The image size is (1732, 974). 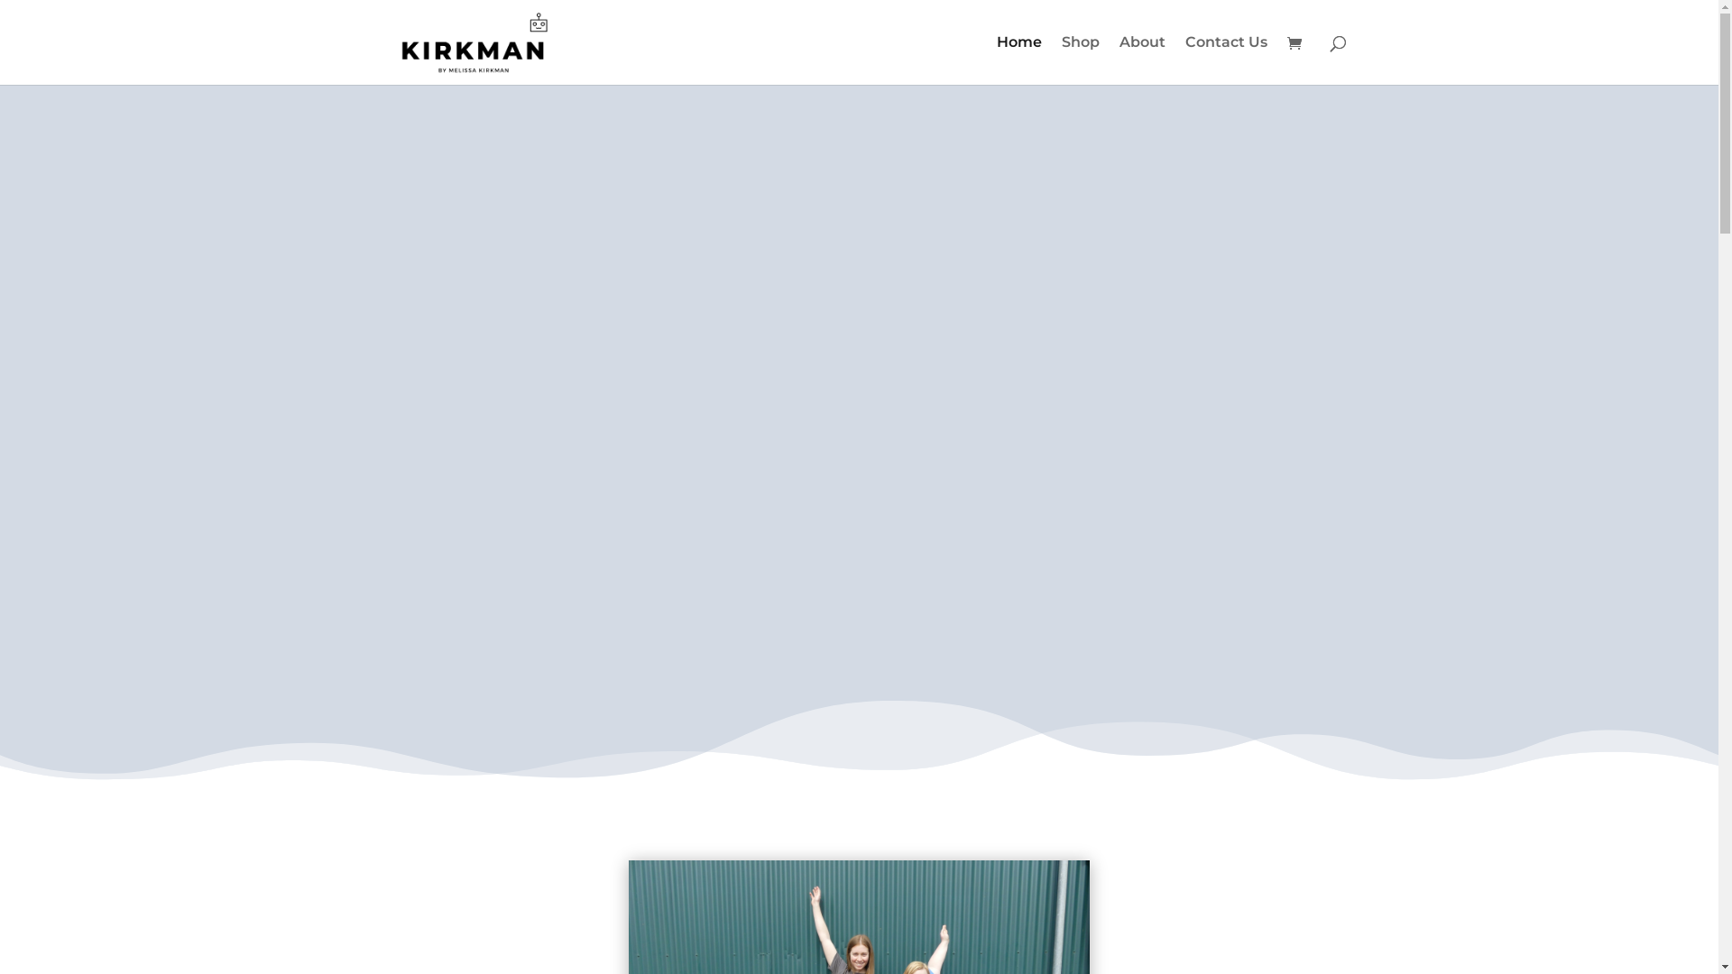 What do you see at coordinates (1117, 59) in the screenshot?
I see `'About'` at bounding box center [1117, 59].